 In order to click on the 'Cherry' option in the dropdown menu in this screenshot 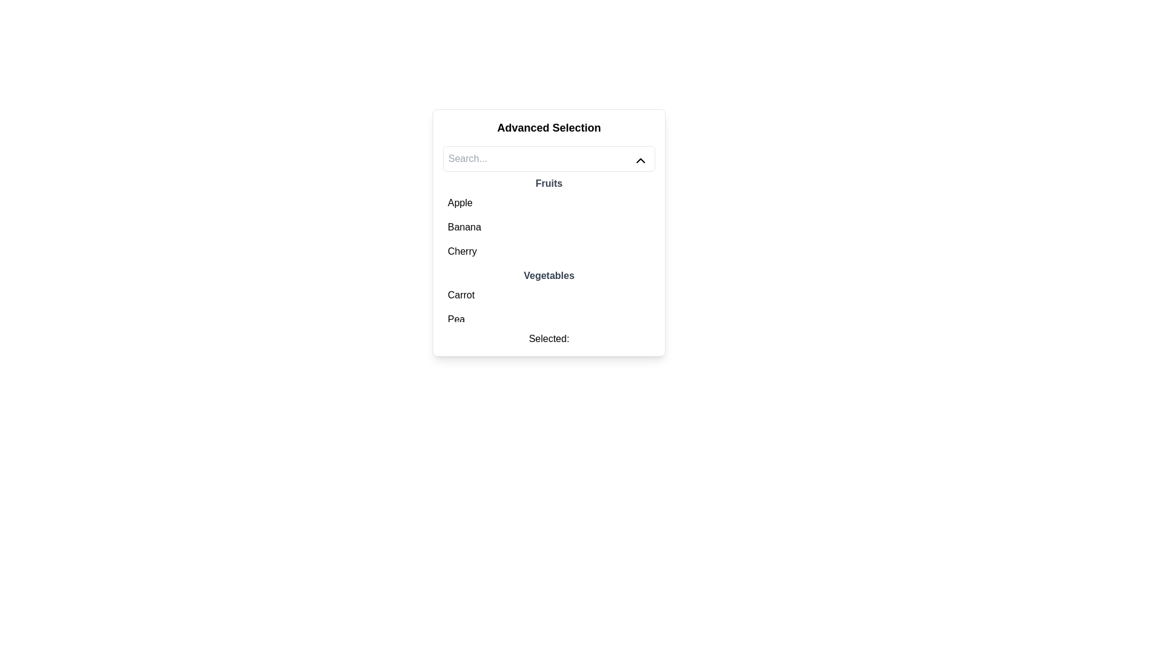, I will do `click(462, 251)`.